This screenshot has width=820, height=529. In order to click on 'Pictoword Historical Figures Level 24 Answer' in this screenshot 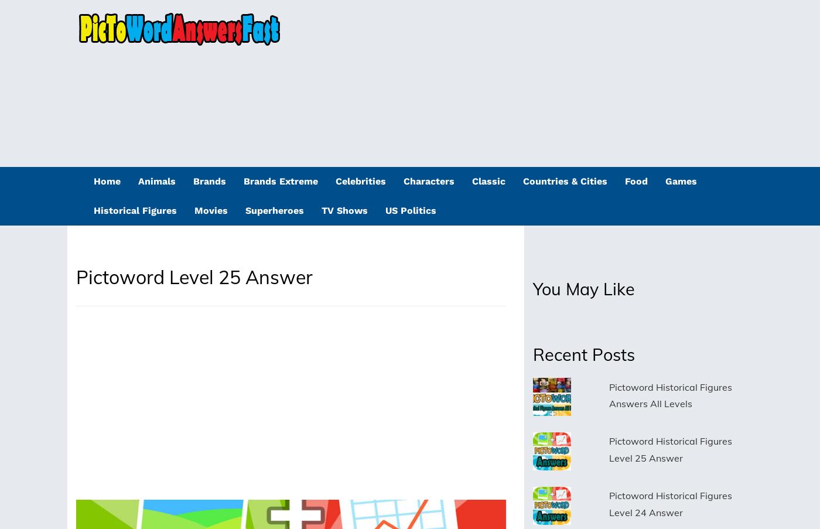, I will do `click(669, 503)`.